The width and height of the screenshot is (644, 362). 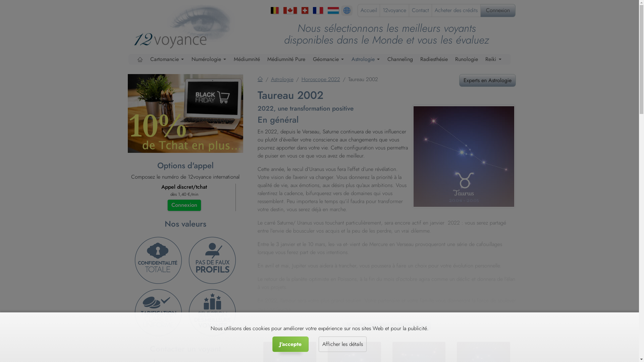 What do you see at coordinates (290, 344) in the screenshot?
I see `'J'accepte'` at bounding box center [290, 344].